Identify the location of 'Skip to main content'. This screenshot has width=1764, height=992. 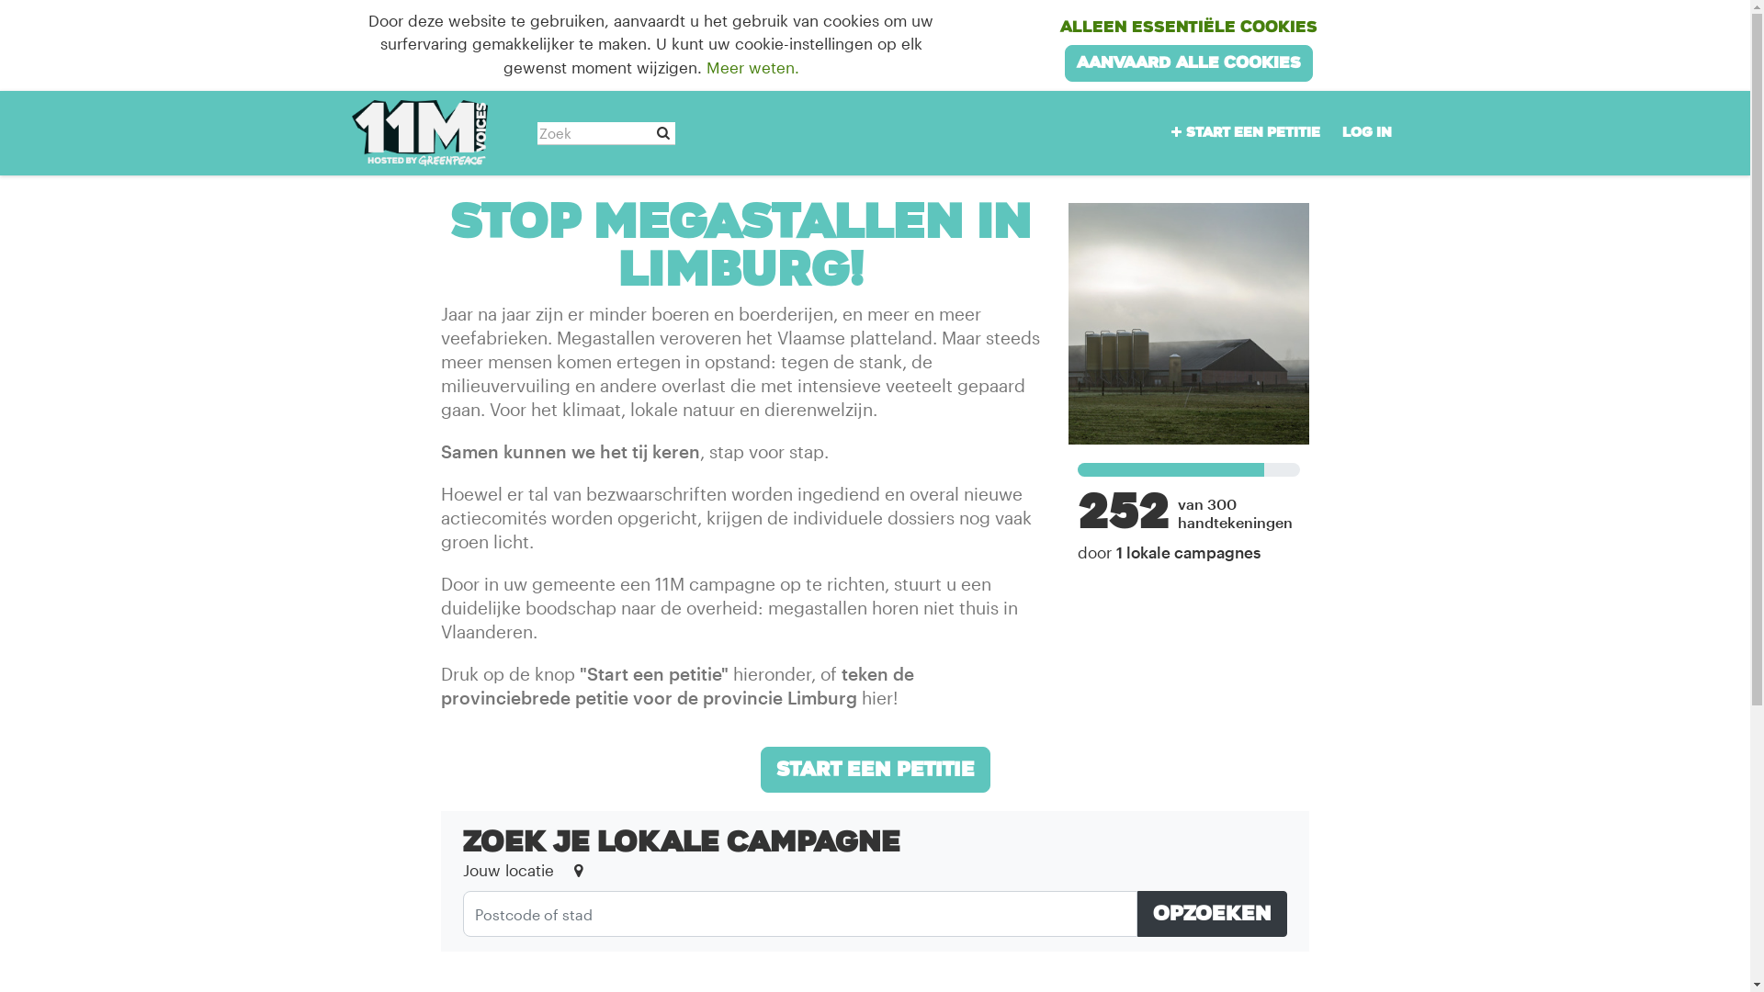
(0, 0).